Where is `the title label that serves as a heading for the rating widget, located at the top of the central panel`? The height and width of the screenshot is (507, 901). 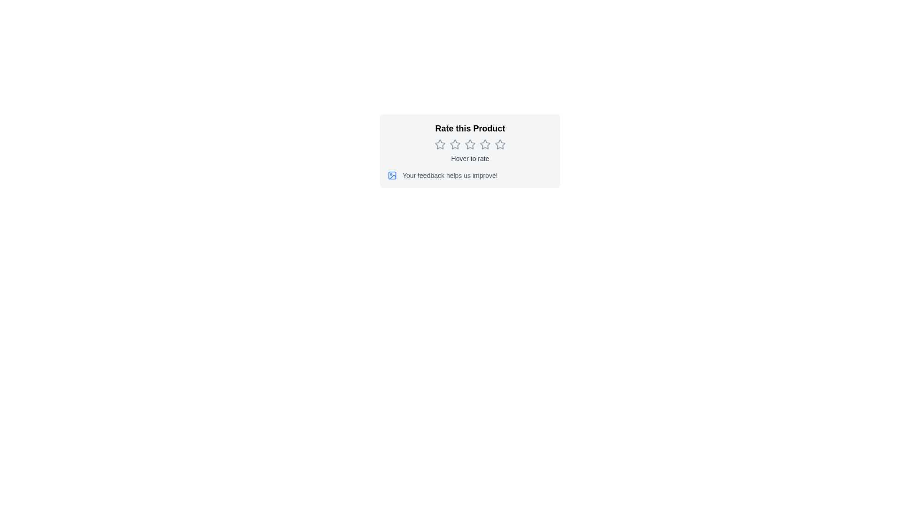
the title label that serves as a heading for the rating widget, located at the top of the central panel is located at coordinates (470, 128).